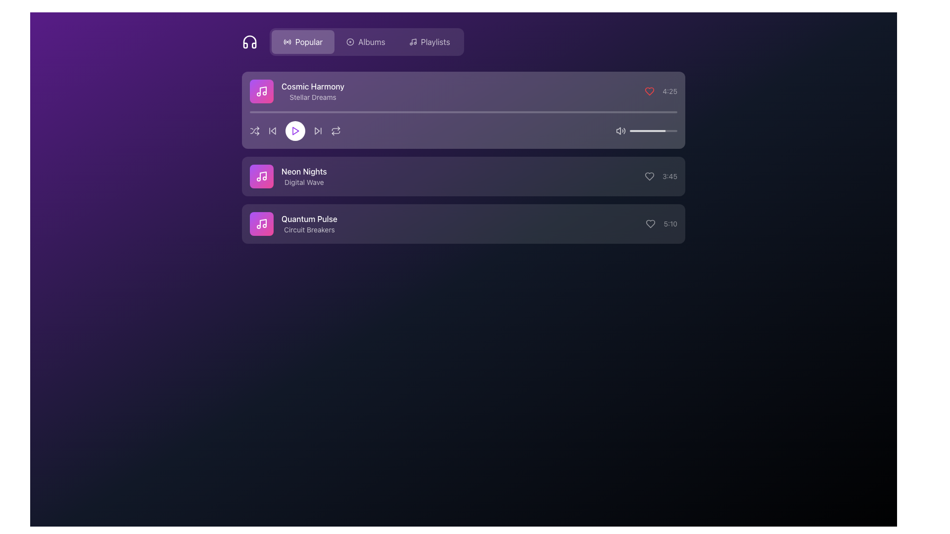 This screenshot has width=950, height=534. Describe the element at coordinates (249, 41) in the screenshot. I see `the headphones icon, which is located in the top left corner of the interface, preceding the 'Popular' button group` at that location.